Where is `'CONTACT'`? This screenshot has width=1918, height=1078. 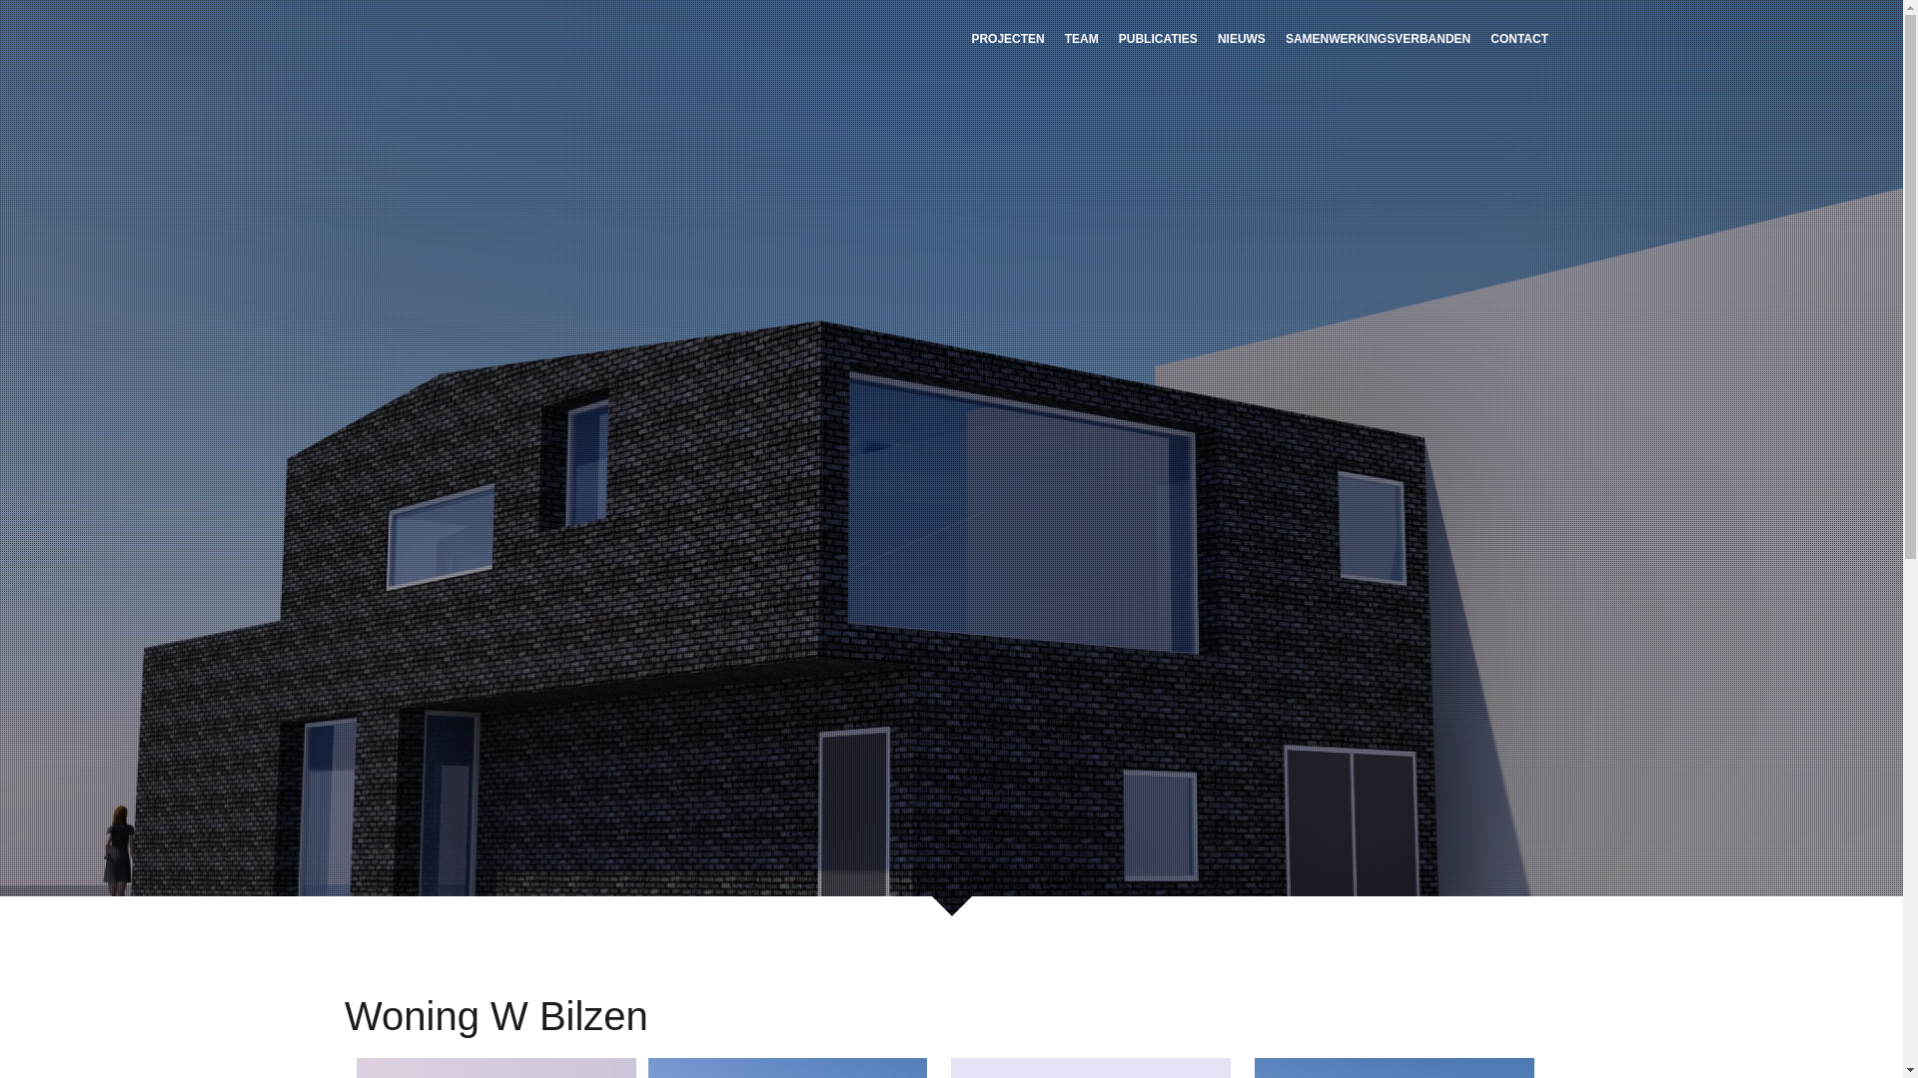 'CONTACT' is located at coordinates (1480, 37).